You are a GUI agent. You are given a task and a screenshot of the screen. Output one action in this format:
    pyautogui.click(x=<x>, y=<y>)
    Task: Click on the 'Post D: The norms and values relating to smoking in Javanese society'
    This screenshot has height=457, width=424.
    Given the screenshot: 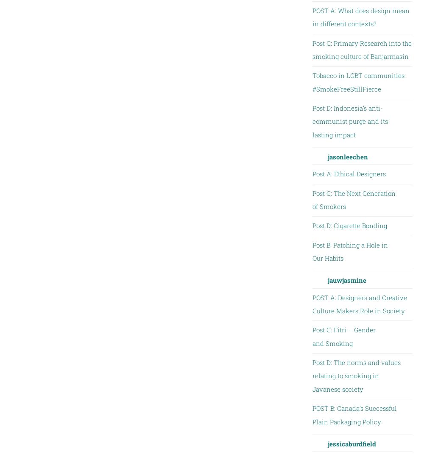 What is the action you would take?
    pyautogui.click(x=356, y=375)
    